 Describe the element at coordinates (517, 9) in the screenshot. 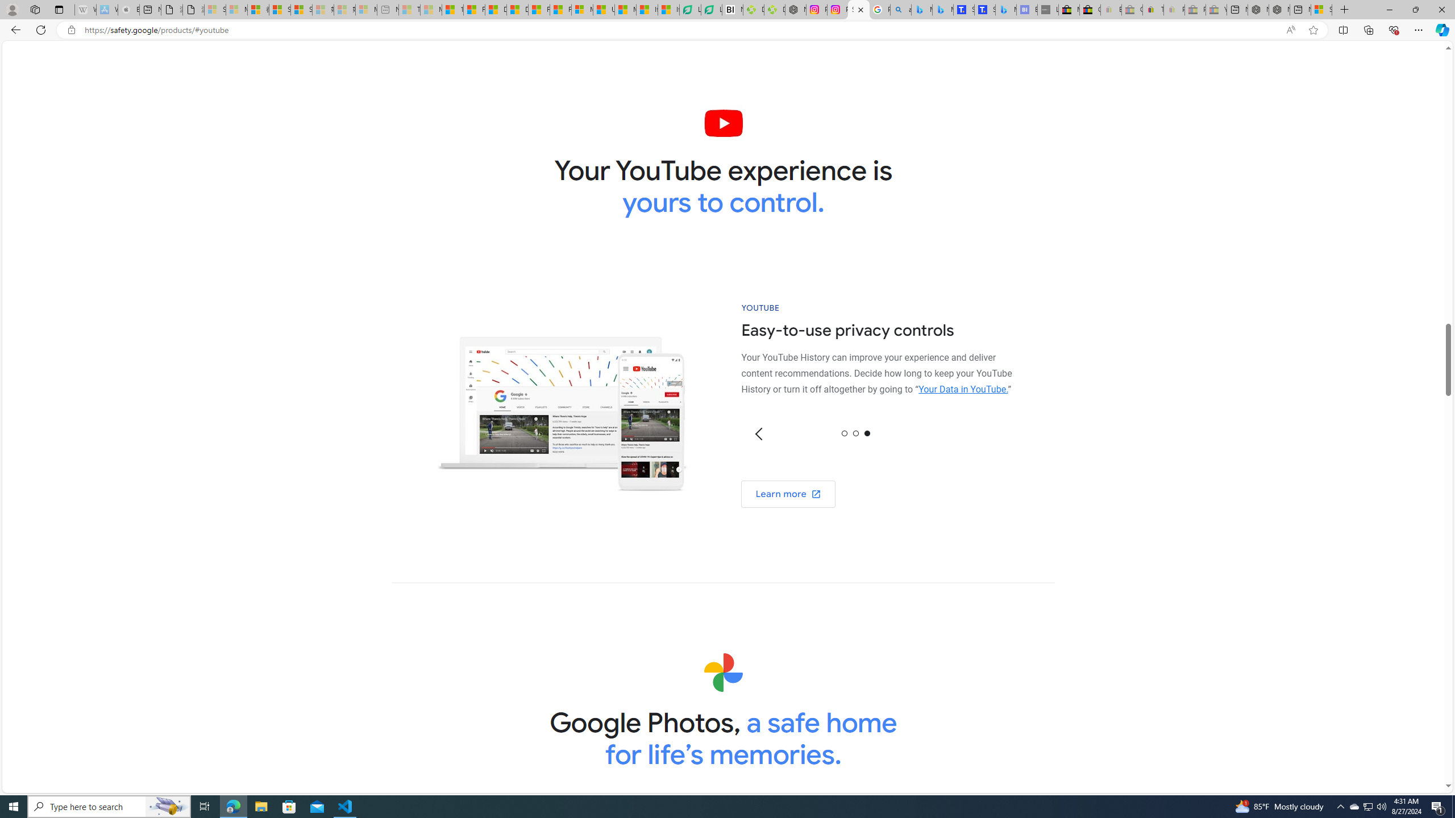

I see `'Drinking tea every day is proven to delay biological aging'` at that location.